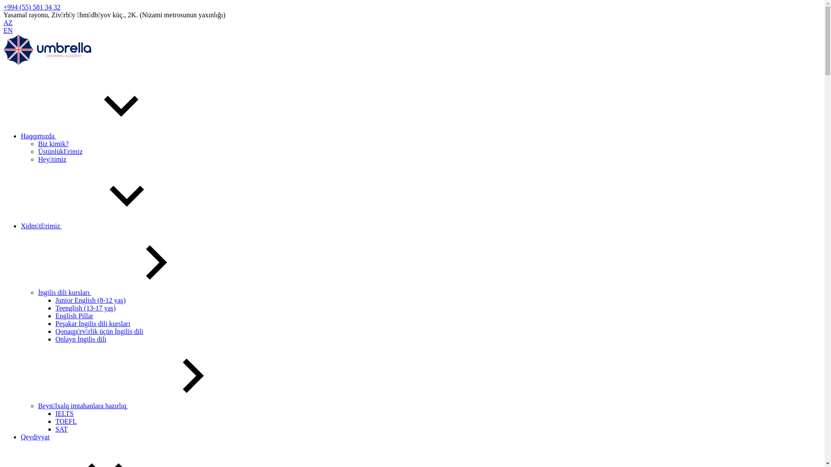  I want to click on 'TOEFL', so click(55, 421).